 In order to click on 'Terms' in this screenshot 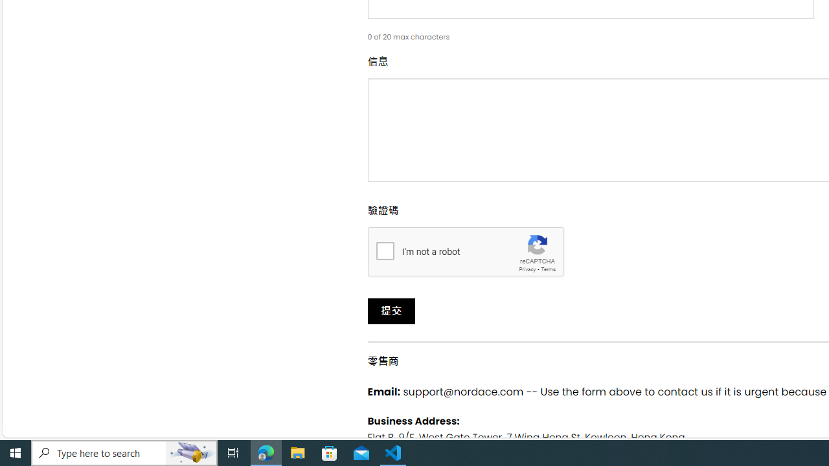, I will do `click(548, 269)`.